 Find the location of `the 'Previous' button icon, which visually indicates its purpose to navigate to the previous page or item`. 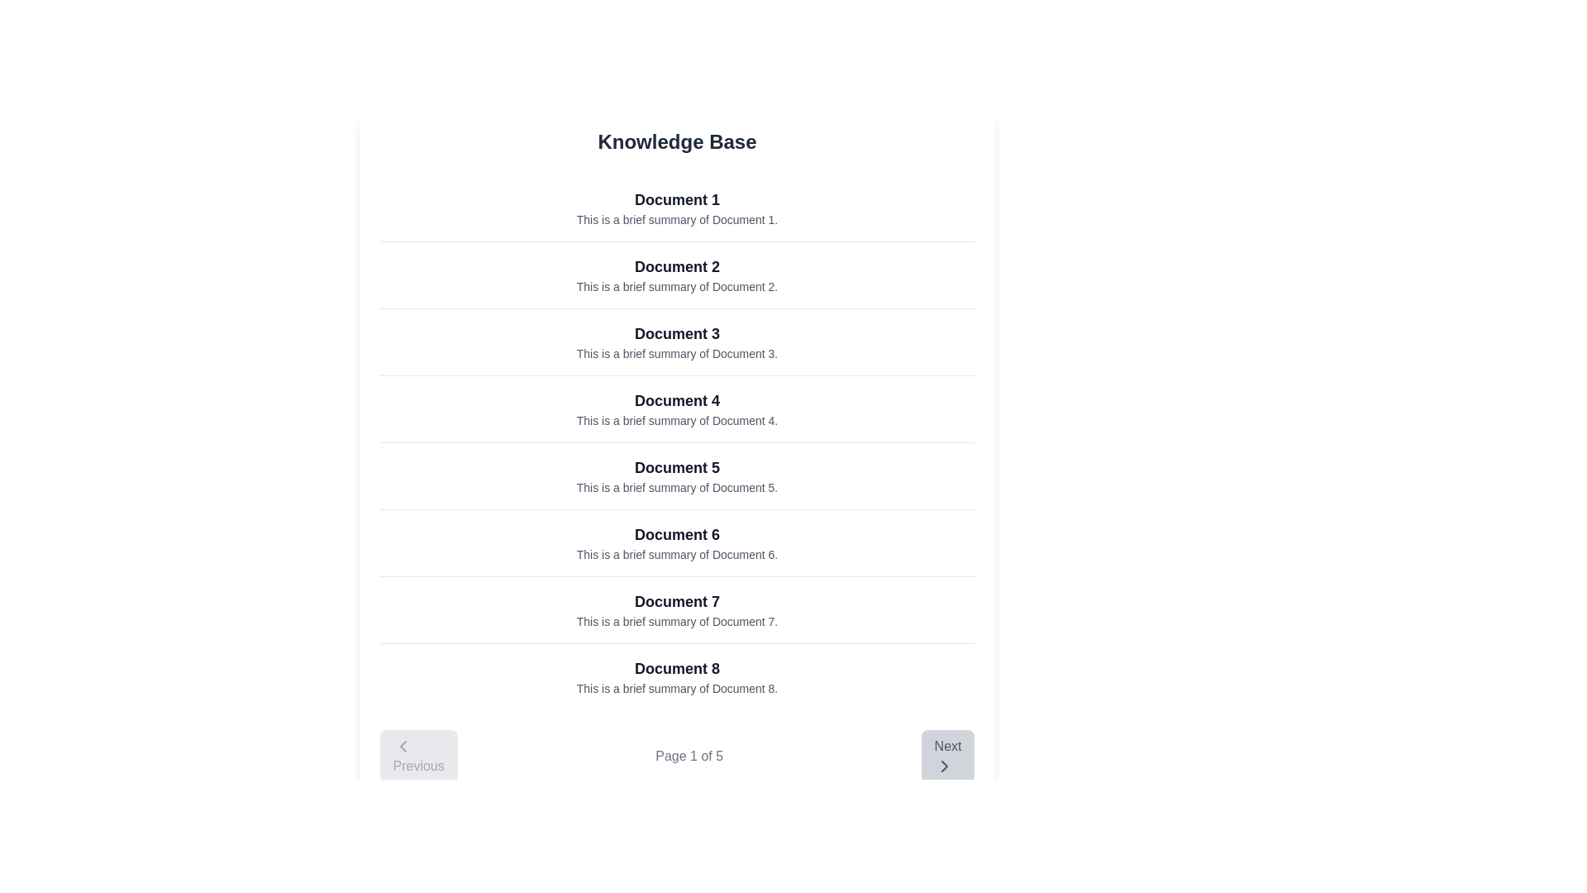

the 'Previous' button icon, which visually indicates its purpose to navigate to the previous page or item is located at coordinates (403, 746).